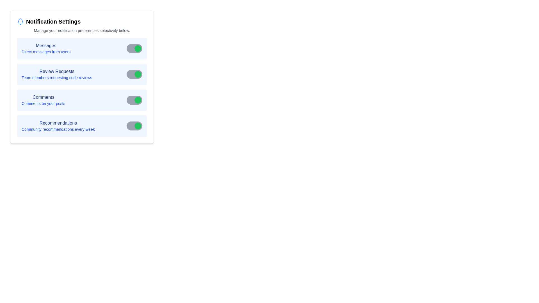 This screenshot has height=303, width=539. Describe the element at coordinates (138, 48) in the screenshot. I see `the toggle switch handle for 'Messages: Direct messages from users' to modify the setting` at that location.